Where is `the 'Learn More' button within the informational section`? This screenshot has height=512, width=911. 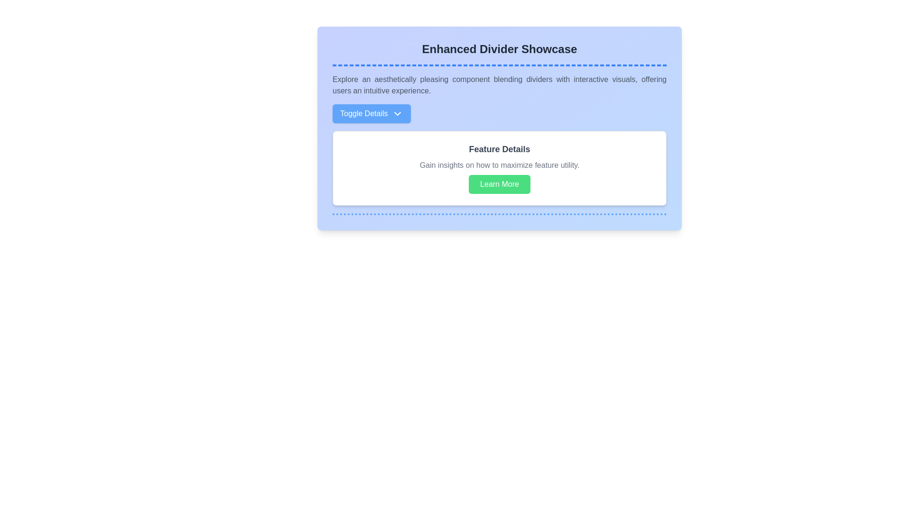
the 'Learn More' button within the informational section is located at coordinates (499, 167).